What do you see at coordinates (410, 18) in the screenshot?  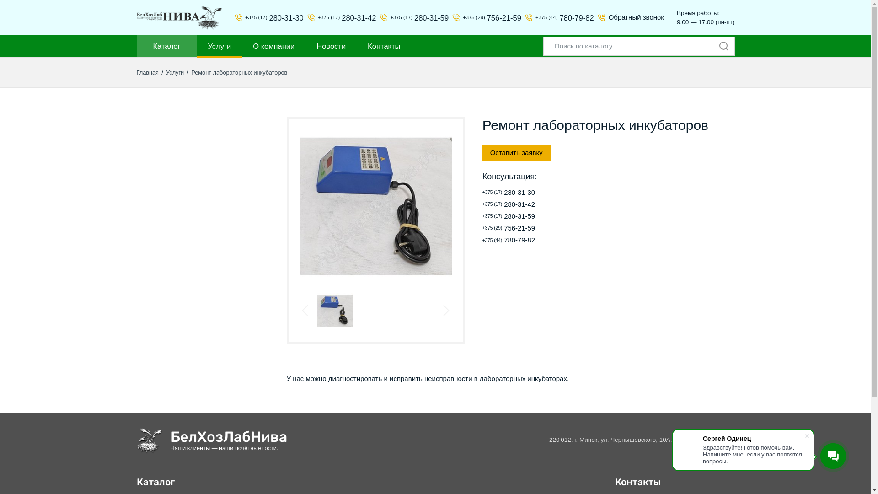 I see `'+375 (17)` at bounding box center [410, 18].